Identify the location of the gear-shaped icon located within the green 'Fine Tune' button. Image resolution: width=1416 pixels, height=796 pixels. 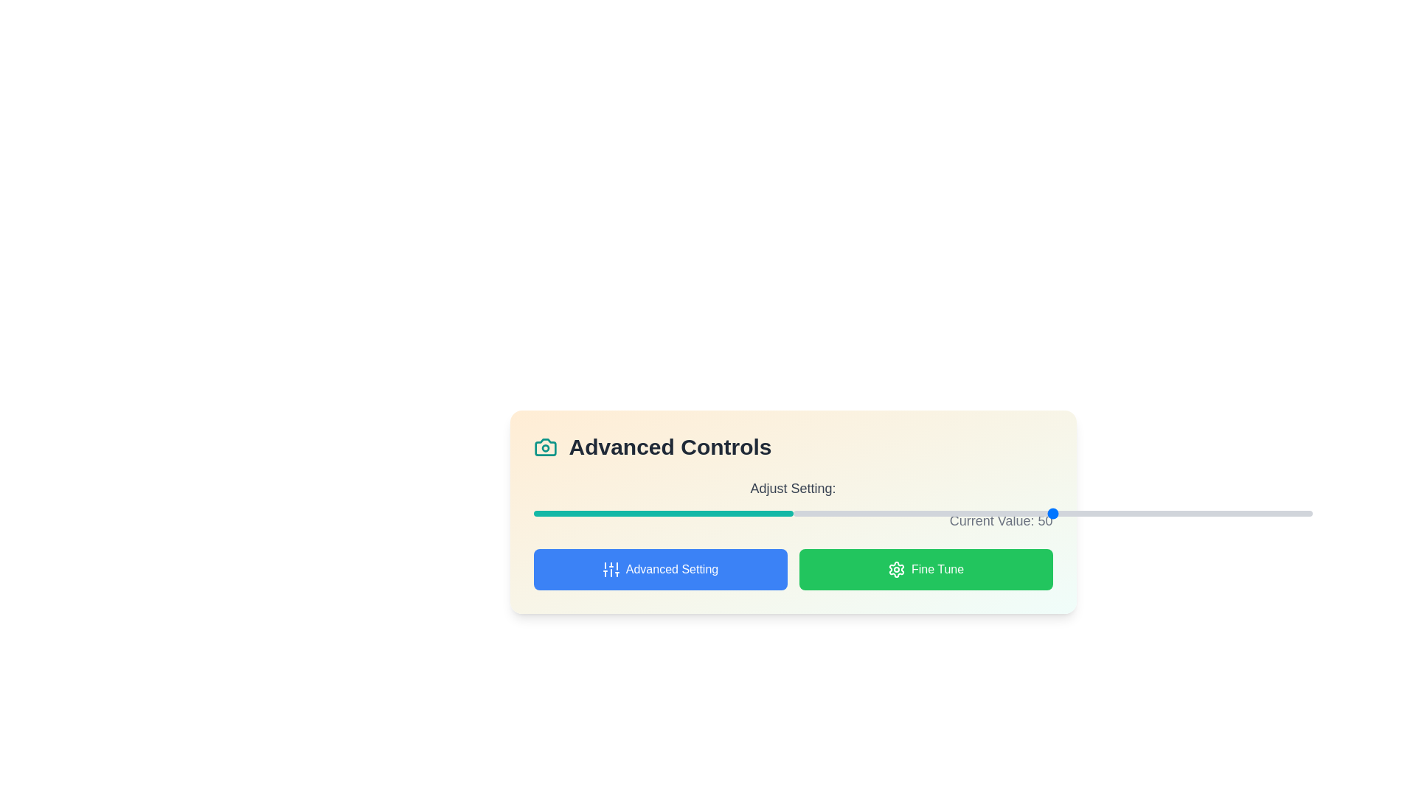
(895, 568).